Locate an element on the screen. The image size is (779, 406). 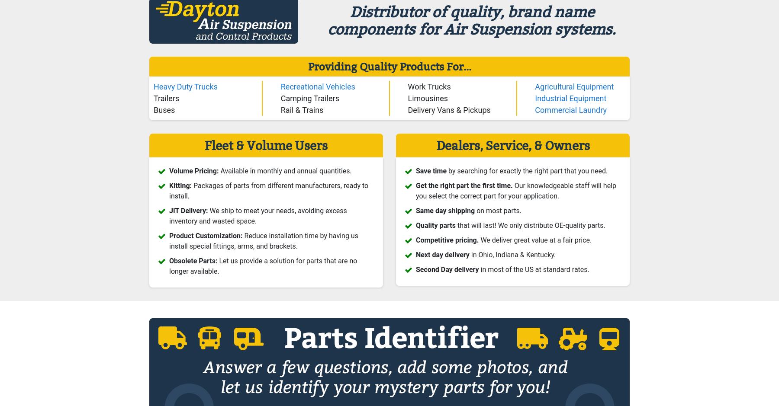
'that will last! We only distribute OE-quality parts.' is located at coordinates (530, 225).